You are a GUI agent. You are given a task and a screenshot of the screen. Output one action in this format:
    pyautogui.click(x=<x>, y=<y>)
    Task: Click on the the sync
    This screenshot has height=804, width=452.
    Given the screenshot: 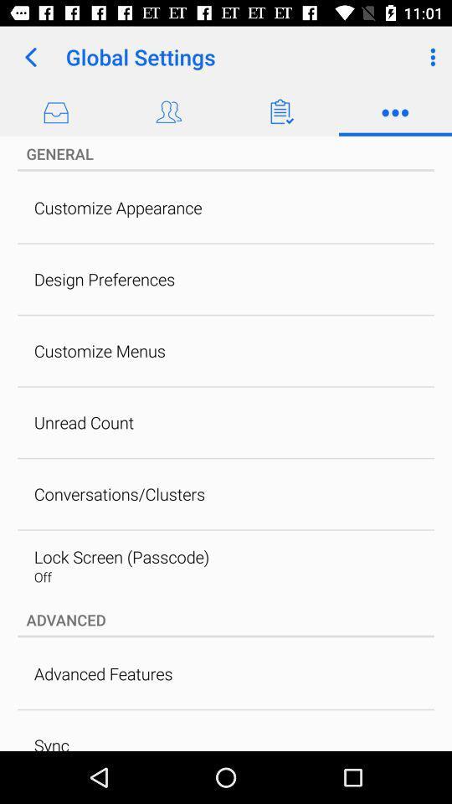 What is the action you would take?
    pyautogui.click(x=51, y=741)
    